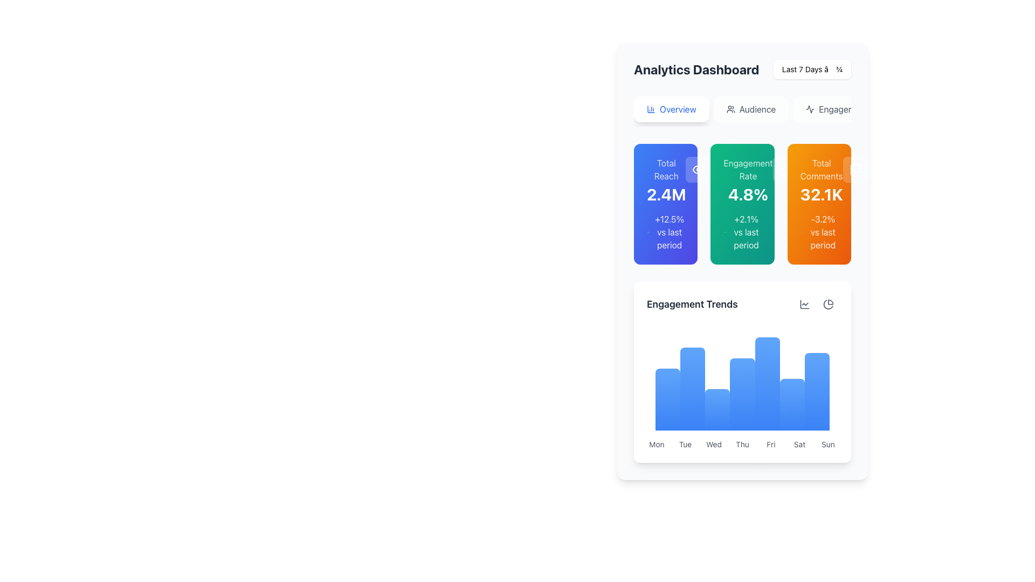 Image resolution: width=1035 pixels, height=582 pixels. What do you see at coordinates (817, 391) in the screenshot?
I see `the seventh bar from the left` at bounding box center [817, 391].